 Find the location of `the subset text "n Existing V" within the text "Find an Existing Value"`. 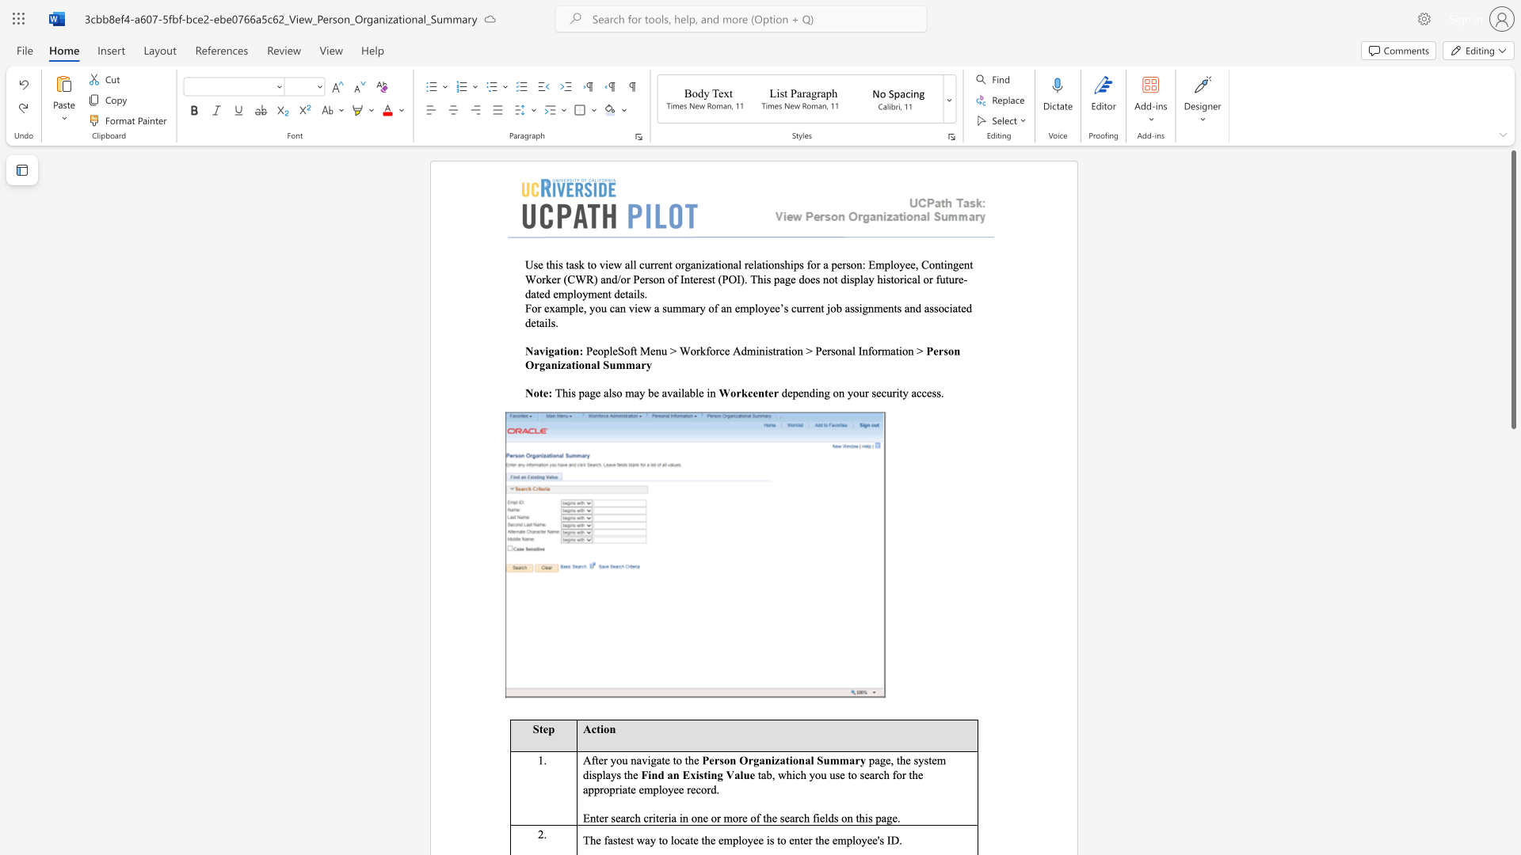

the subset text "n Existing V" within the text "Find an Existing Value" is located at coordinates (673, 773).